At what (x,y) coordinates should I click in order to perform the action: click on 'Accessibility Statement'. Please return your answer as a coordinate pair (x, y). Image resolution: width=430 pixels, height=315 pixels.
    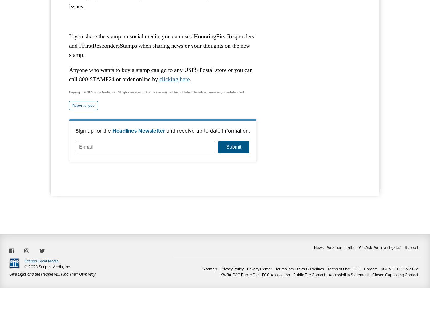
    Looking at the image, I should click on (349, 275).